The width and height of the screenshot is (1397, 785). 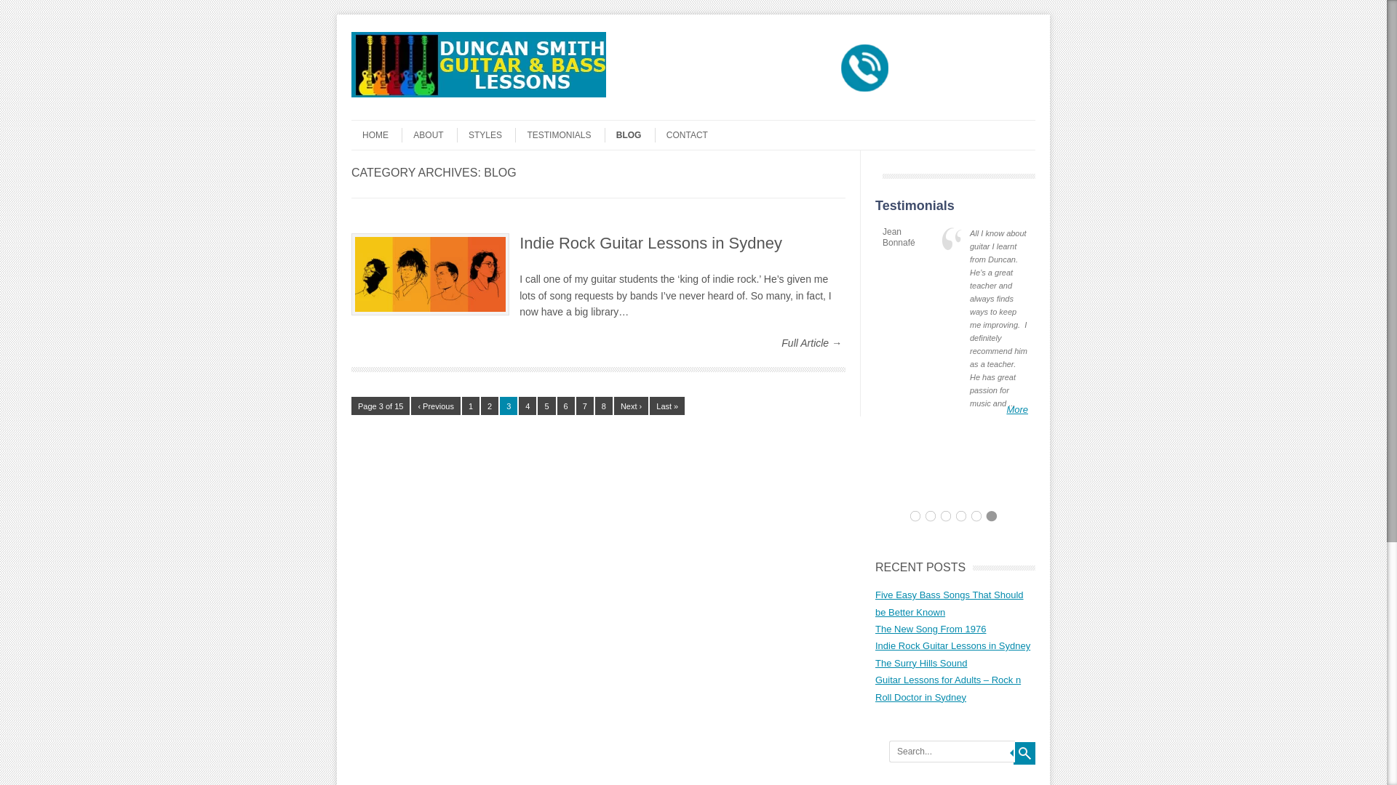 What do you see at coordinates (604, 406) in the screenshot?
I see `'8'` at bounding box center [604, 406].